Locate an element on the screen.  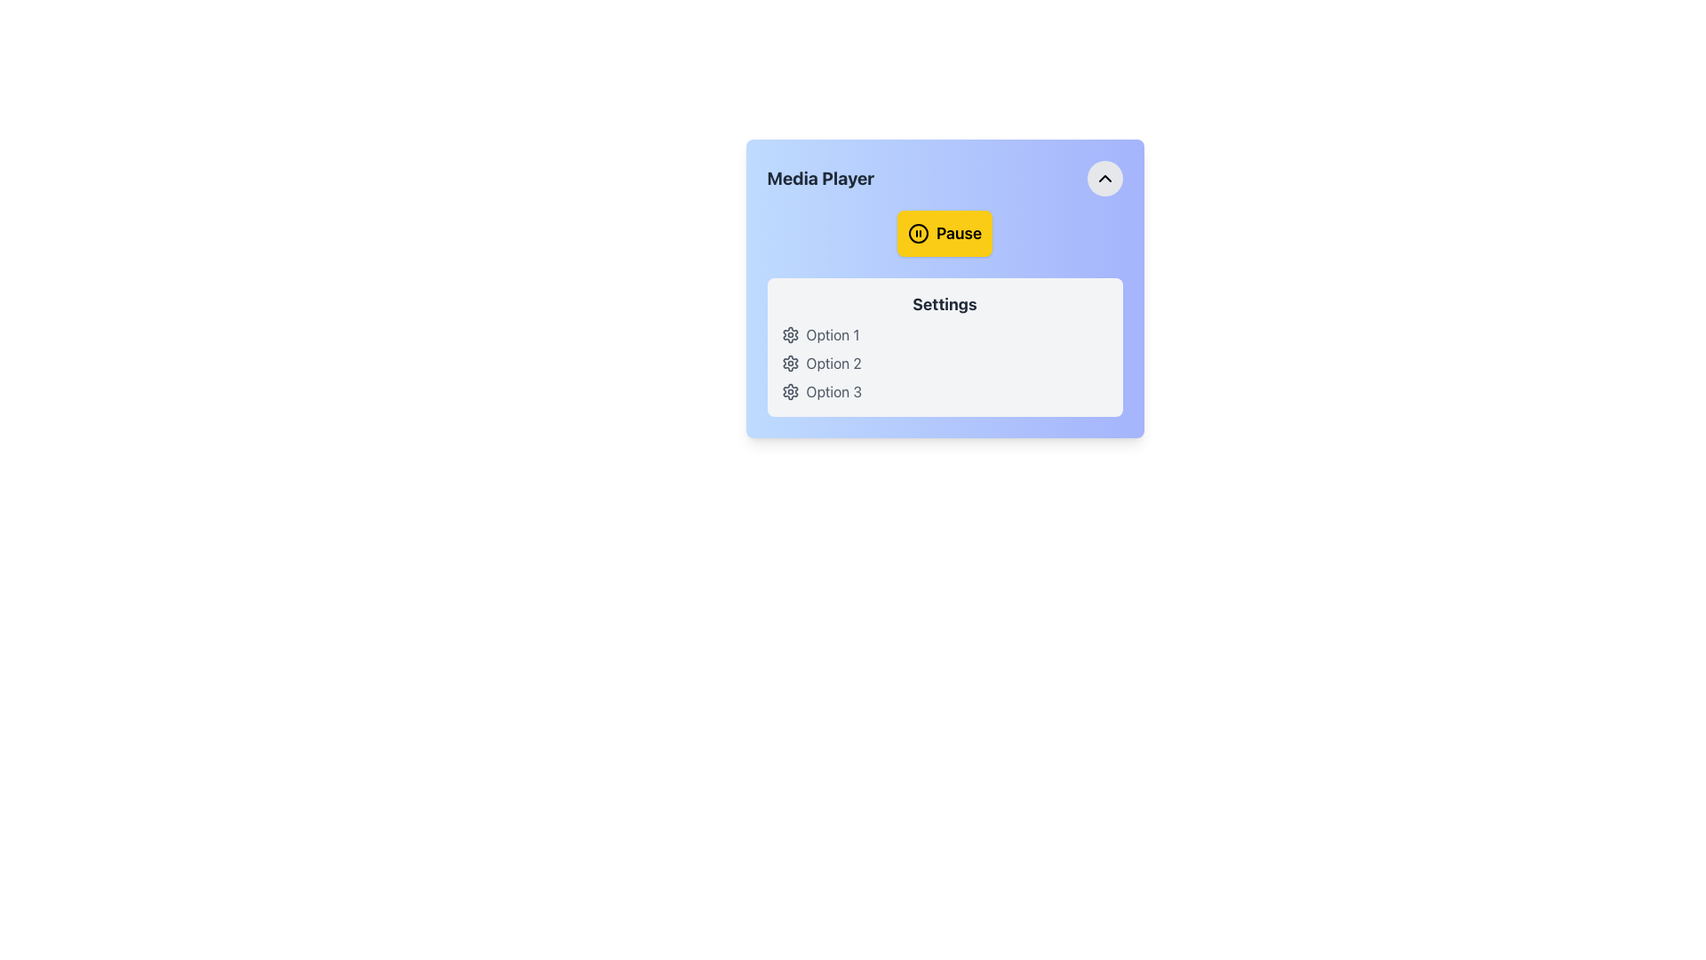
text 'Pause' displayed in bold black font within the yellow rounded rectangle button in the media player interface is located at coordinates (958, 232).